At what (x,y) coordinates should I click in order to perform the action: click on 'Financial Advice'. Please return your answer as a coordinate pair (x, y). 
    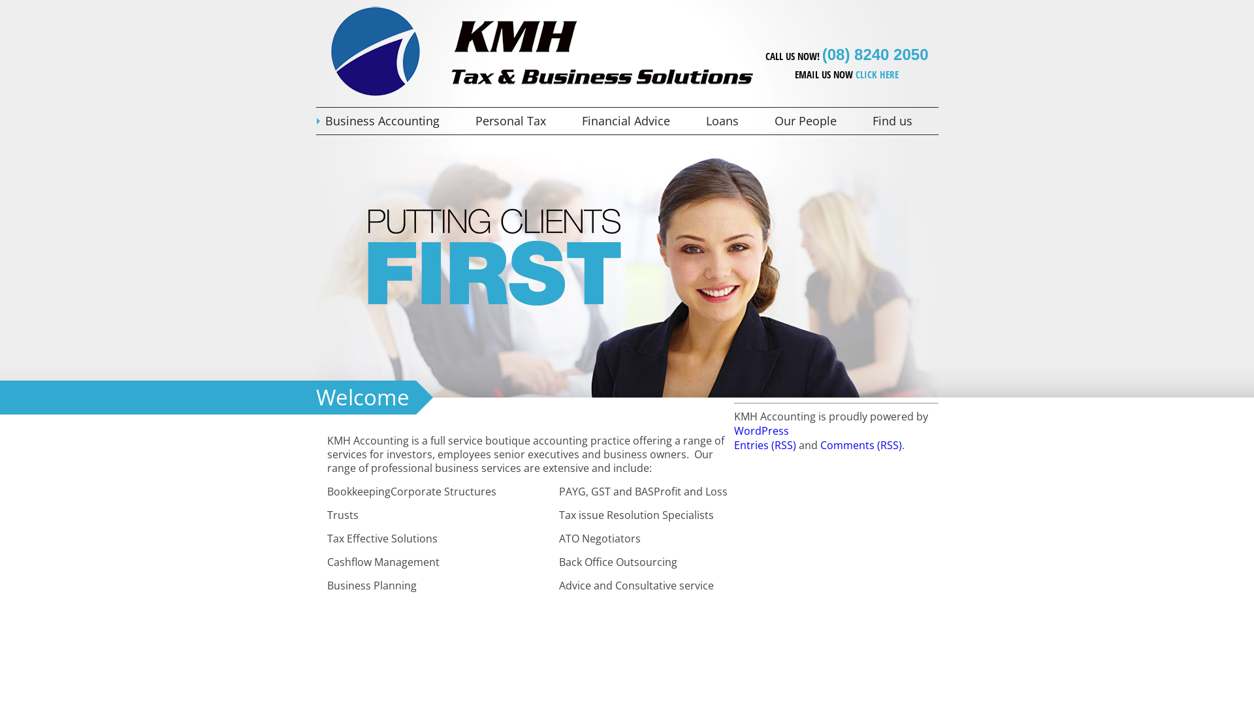
    Looking at the image, I should click on (634, 121).